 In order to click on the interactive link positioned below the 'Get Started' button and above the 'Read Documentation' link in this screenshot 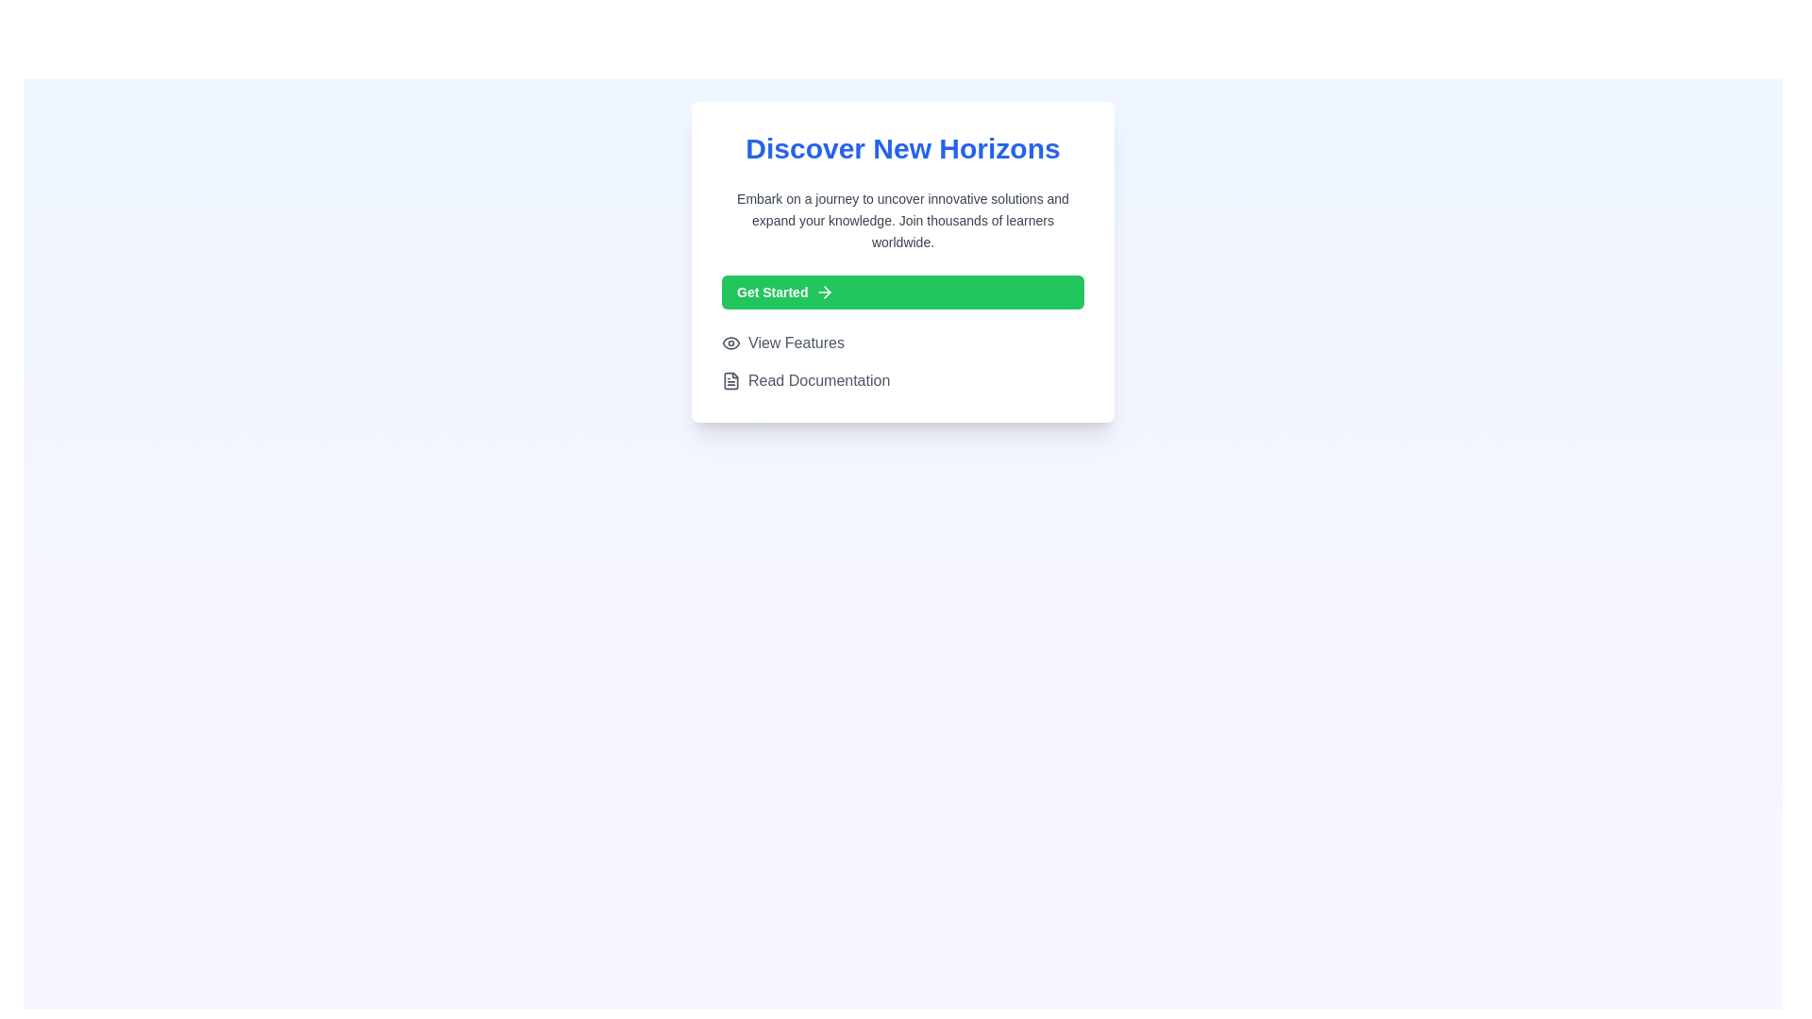, I will do `click(783, 343)`.